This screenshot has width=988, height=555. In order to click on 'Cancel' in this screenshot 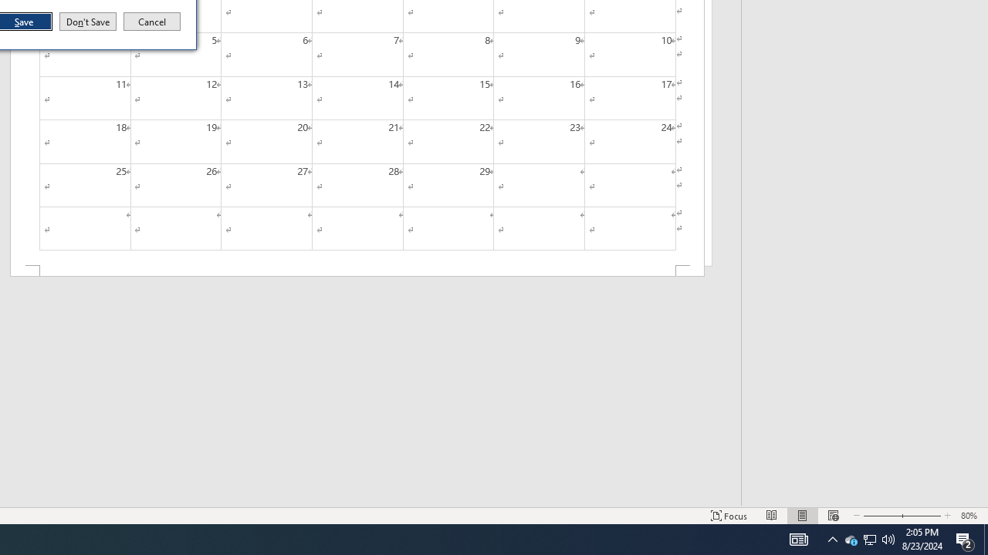, I will do `click(152, 22)`.